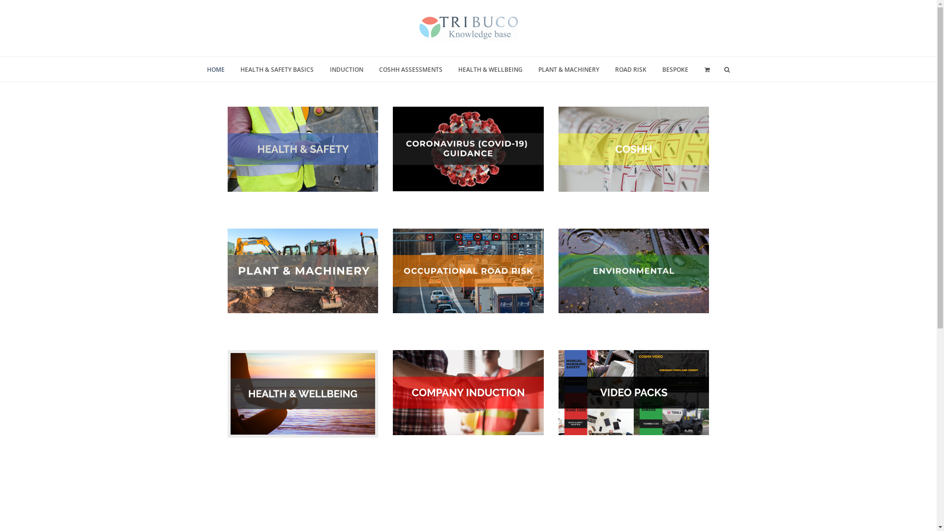 The height and width of the screenshot is (531, 944). What do you see at coordinates (411, 69) in the screenshot?
I see `'COSHH ASSESSMENTS'` at bounding box center [411, 69].